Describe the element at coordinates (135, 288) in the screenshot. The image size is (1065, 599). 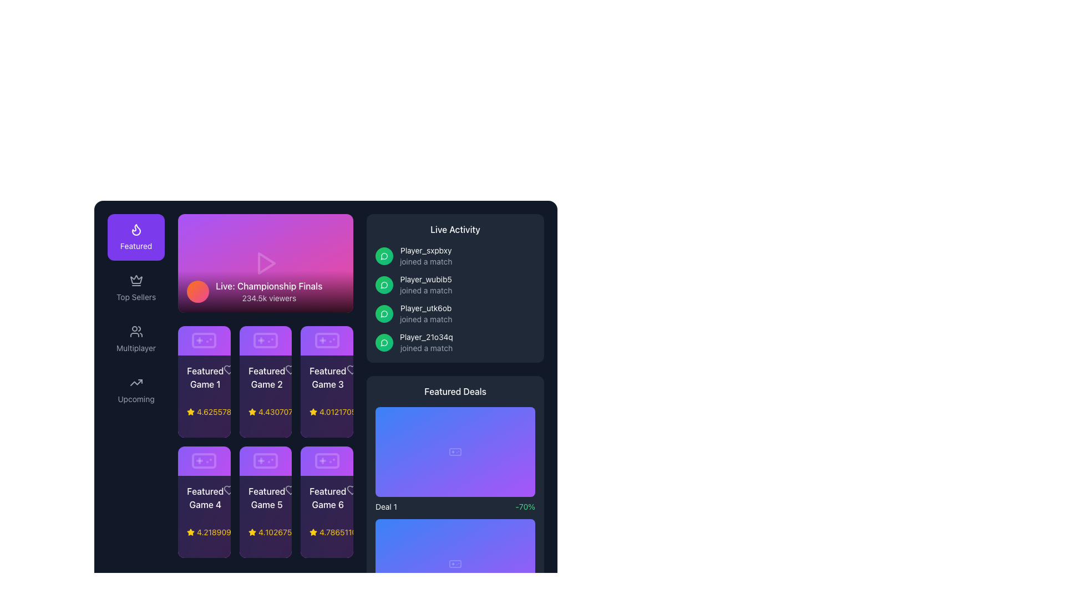
I see `the navigation button located in the vertical list, positioned as the second item beneath the 'Featured' button and above the 'Multiplayer' button` at that location.